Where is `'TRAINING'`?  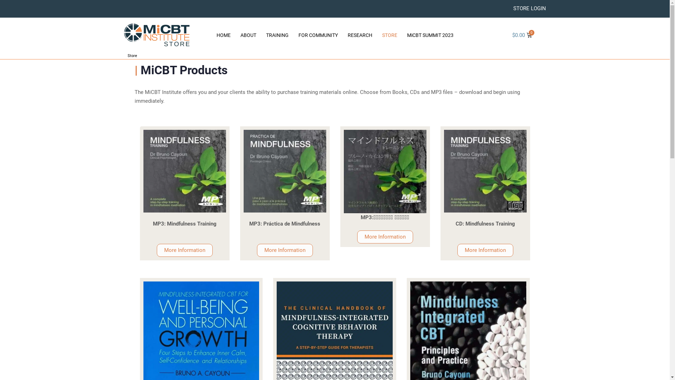
'TRAINING' is located at coordinates (276, 35).